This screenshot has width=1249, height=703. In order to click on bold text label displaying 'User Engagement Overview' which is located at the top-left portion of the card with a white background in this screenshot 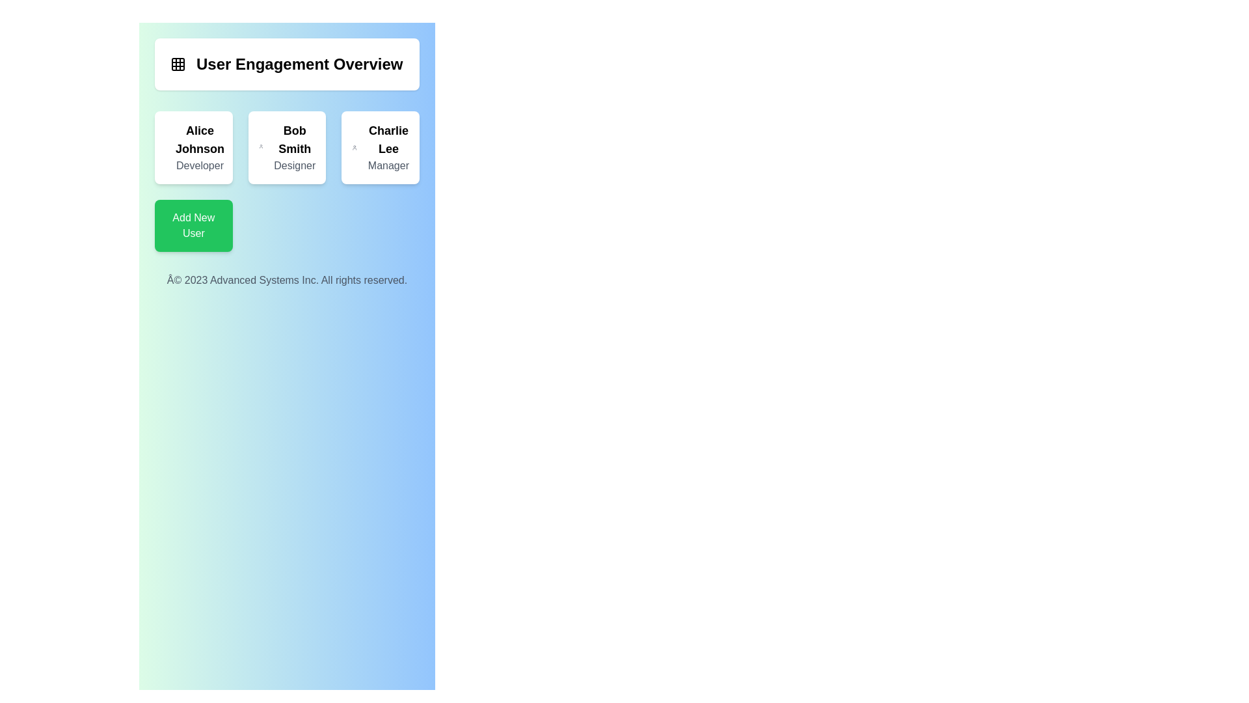, I will do `click(286, 64)`.